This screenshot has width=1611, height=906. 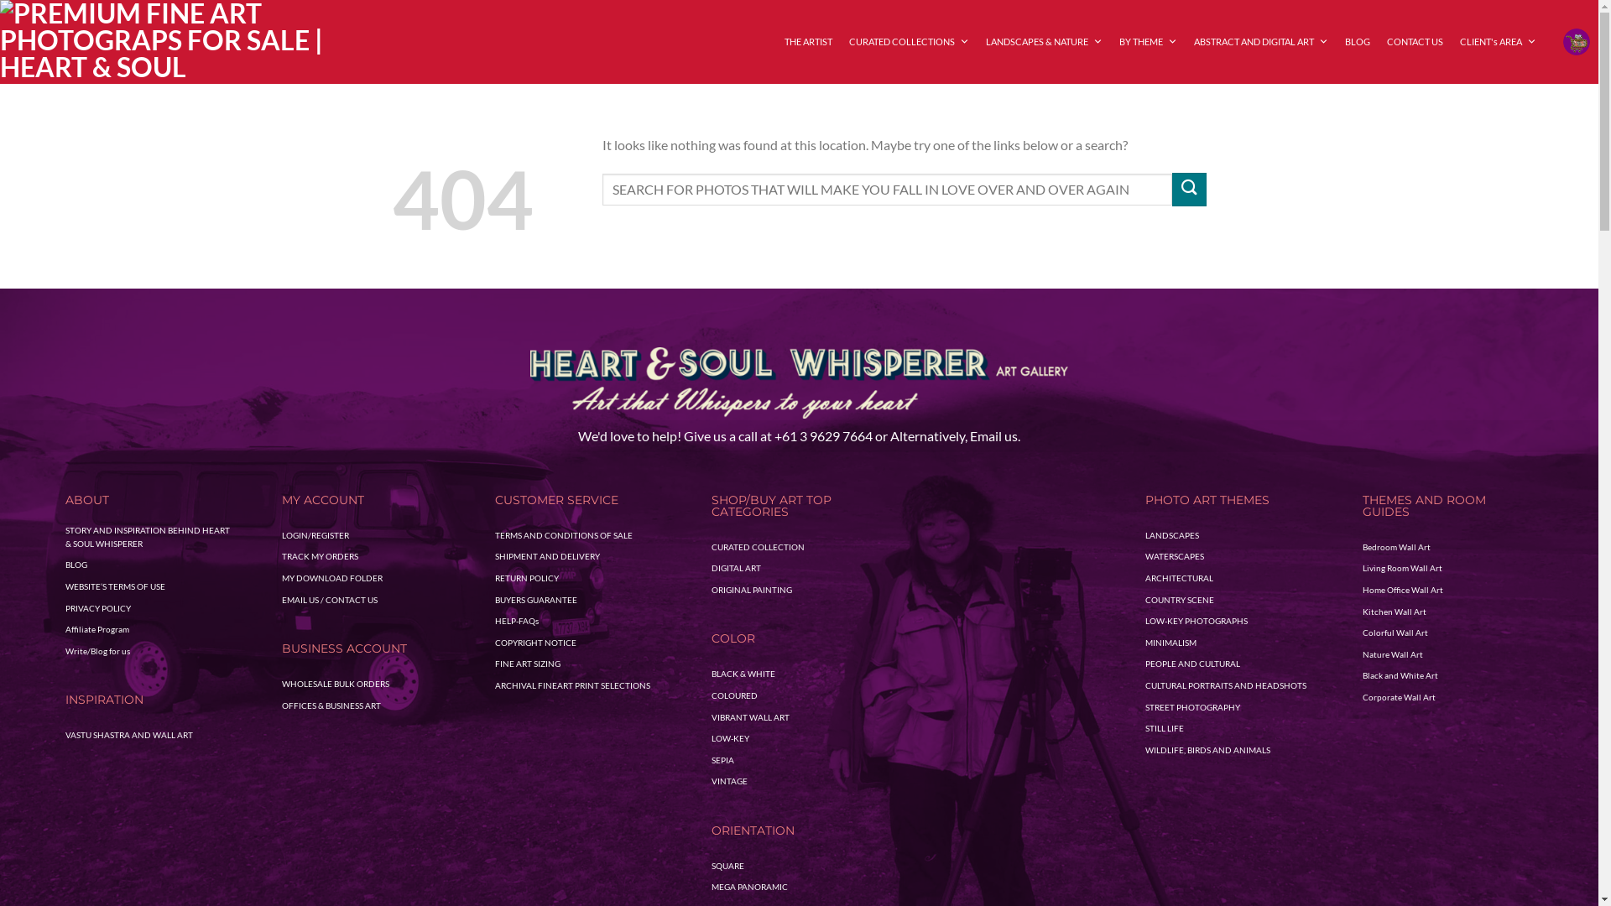 I want to click on 'Colorful Wall Art', so click(x=1395, y=632).